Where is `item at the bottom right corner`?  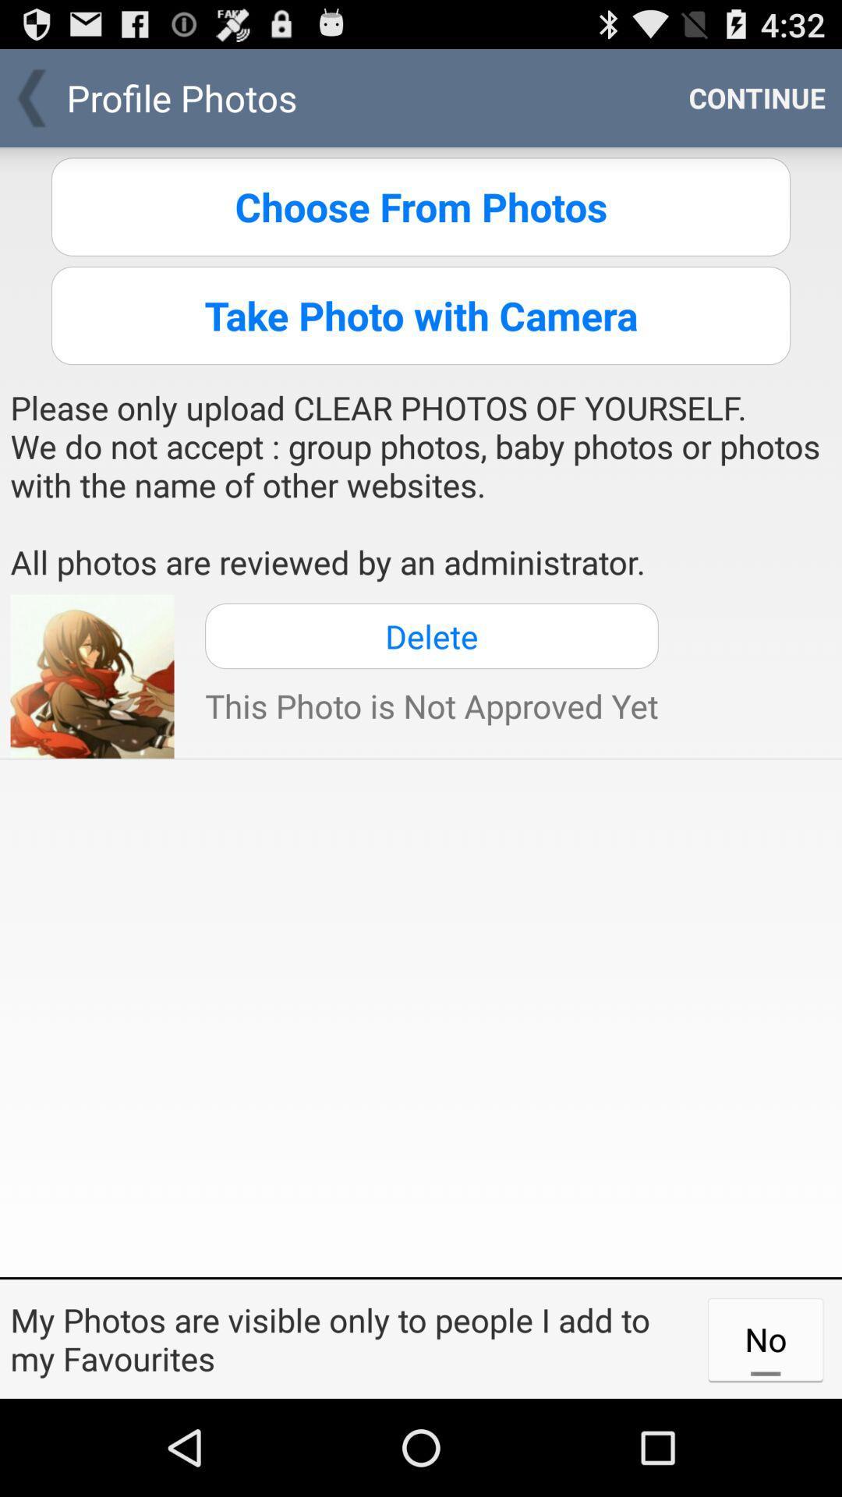 item at the bottom right corner is located at coordinates (765, 1338).